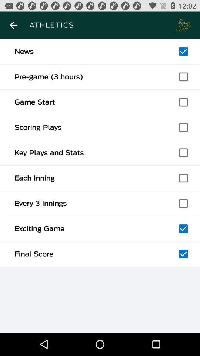  I want to click on check box option, so click(183, 102).